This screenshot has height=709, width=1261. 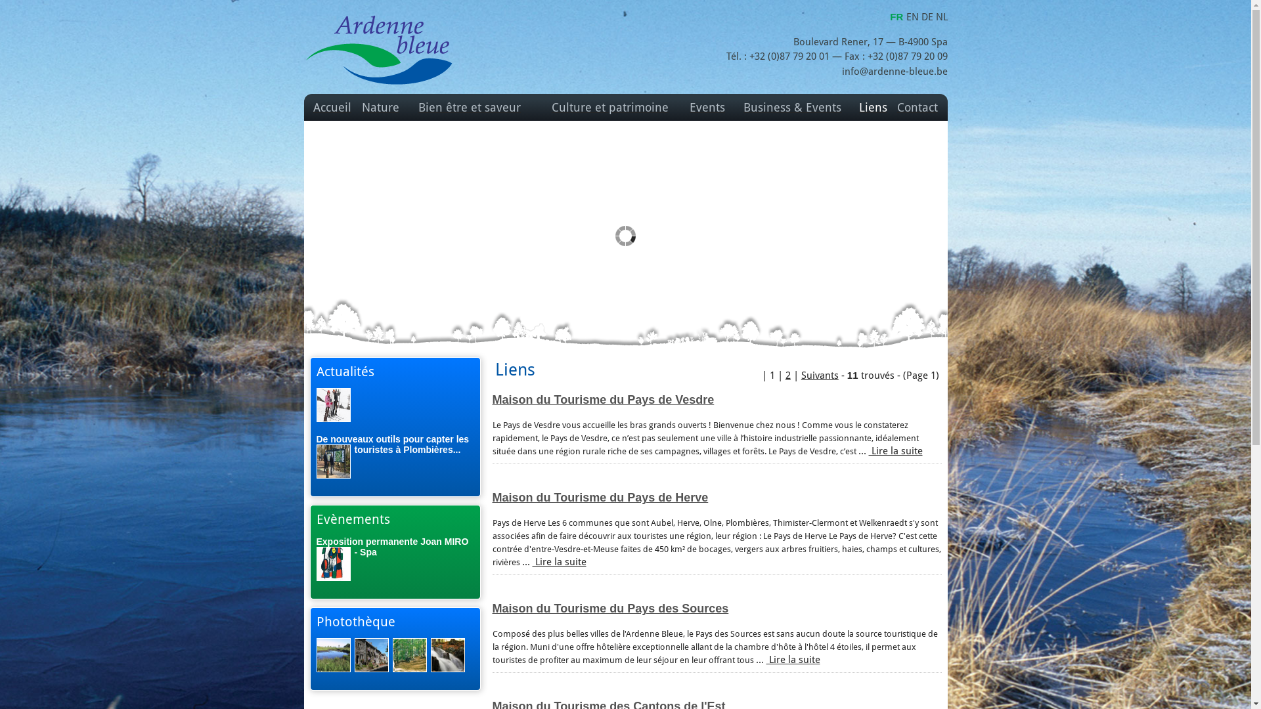 I want to click on 'Maison du Tourisme du Pays de Vesdre', so click(x=602, y=399).